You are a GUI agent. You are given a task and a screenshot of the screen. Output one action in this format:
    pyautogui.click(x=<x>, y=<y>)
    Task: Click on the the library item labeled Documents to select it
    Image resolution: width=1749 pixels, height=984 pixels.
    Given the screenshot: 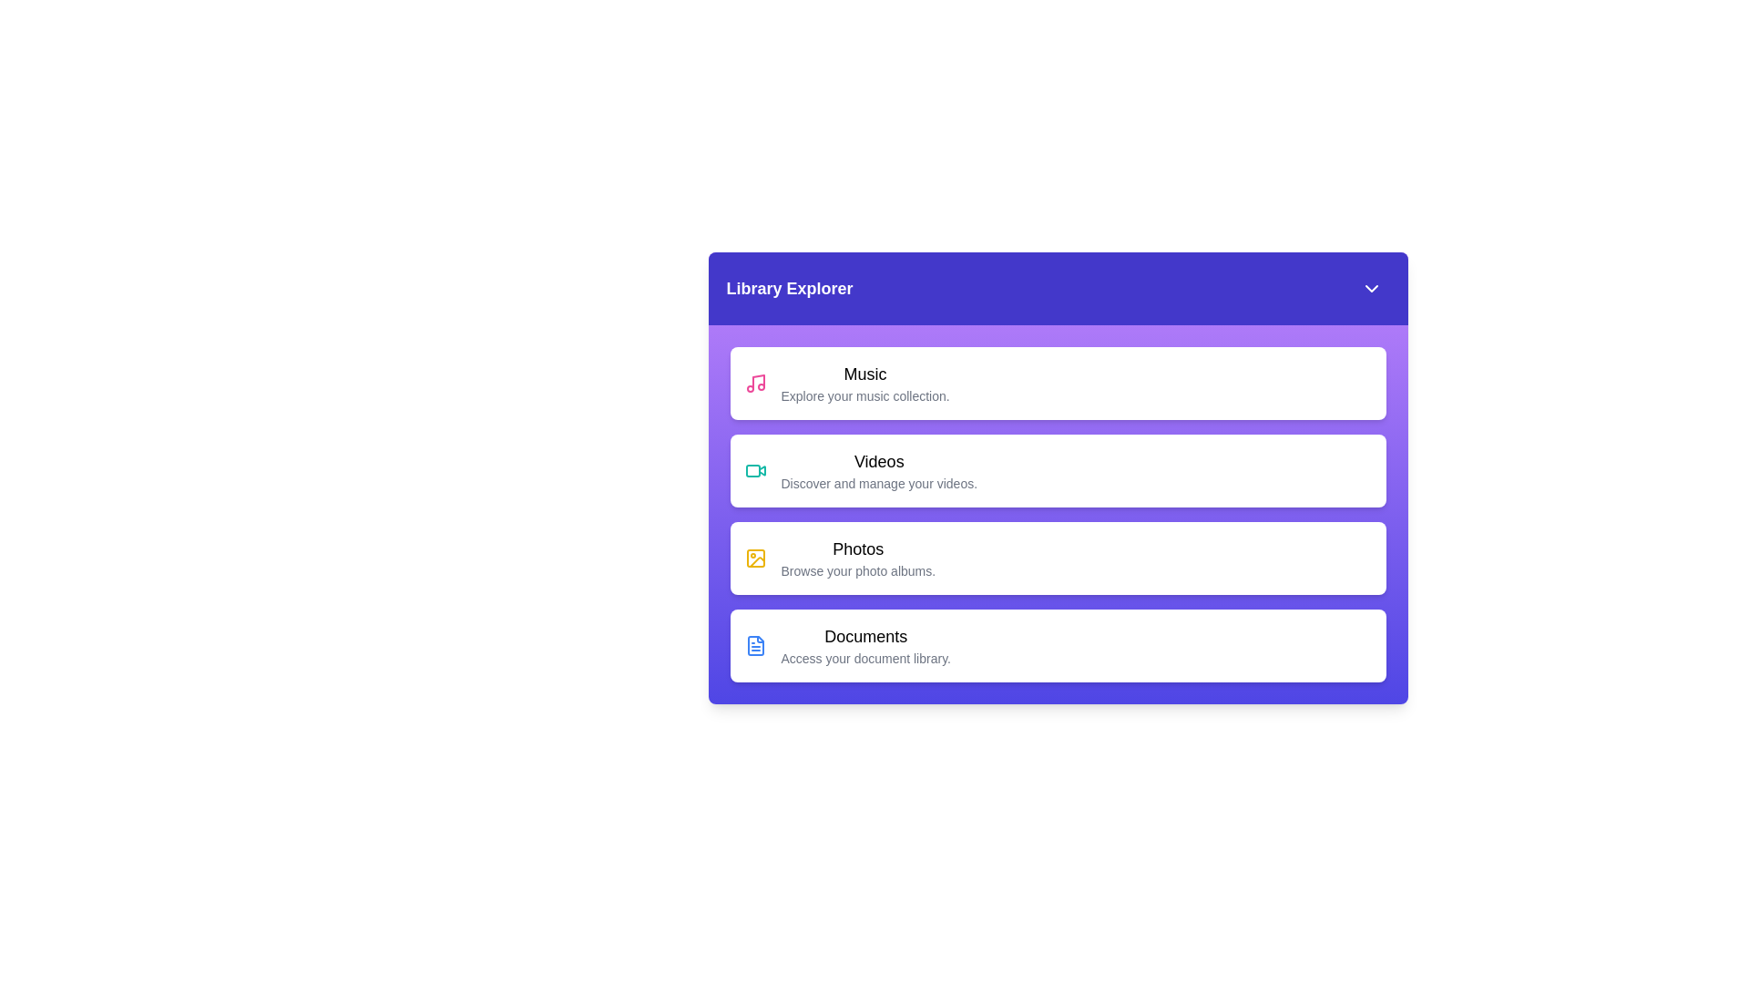 What is the action you would take?
    pyautogui.click(x=1058, y=645)
    